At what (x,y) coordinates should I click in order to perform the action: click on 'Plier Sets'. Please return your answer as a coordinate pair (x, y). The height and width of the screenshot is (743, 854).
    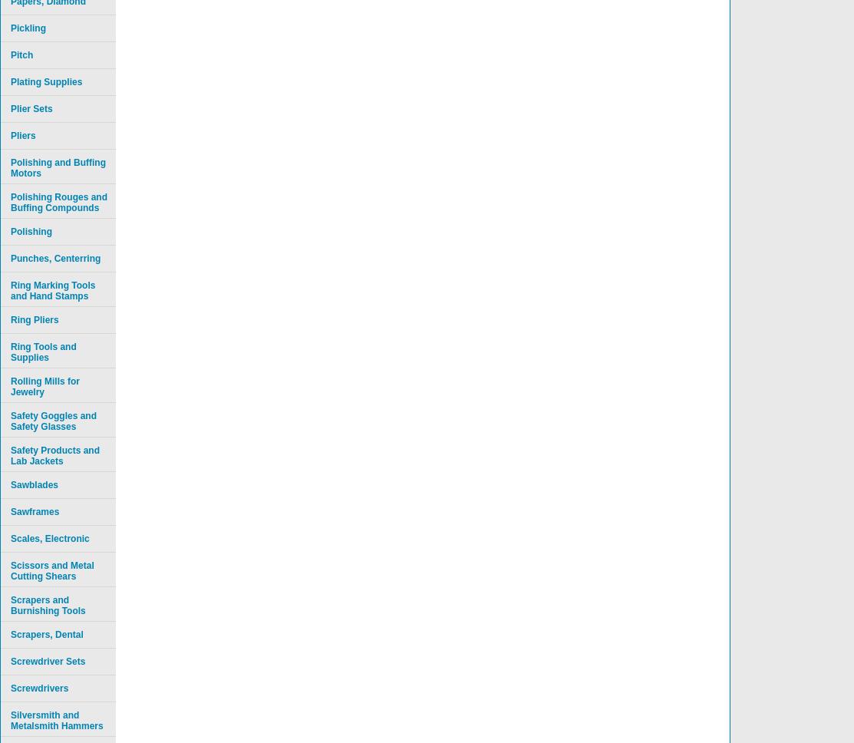
    Looking at the image, I should click on (31, 108).